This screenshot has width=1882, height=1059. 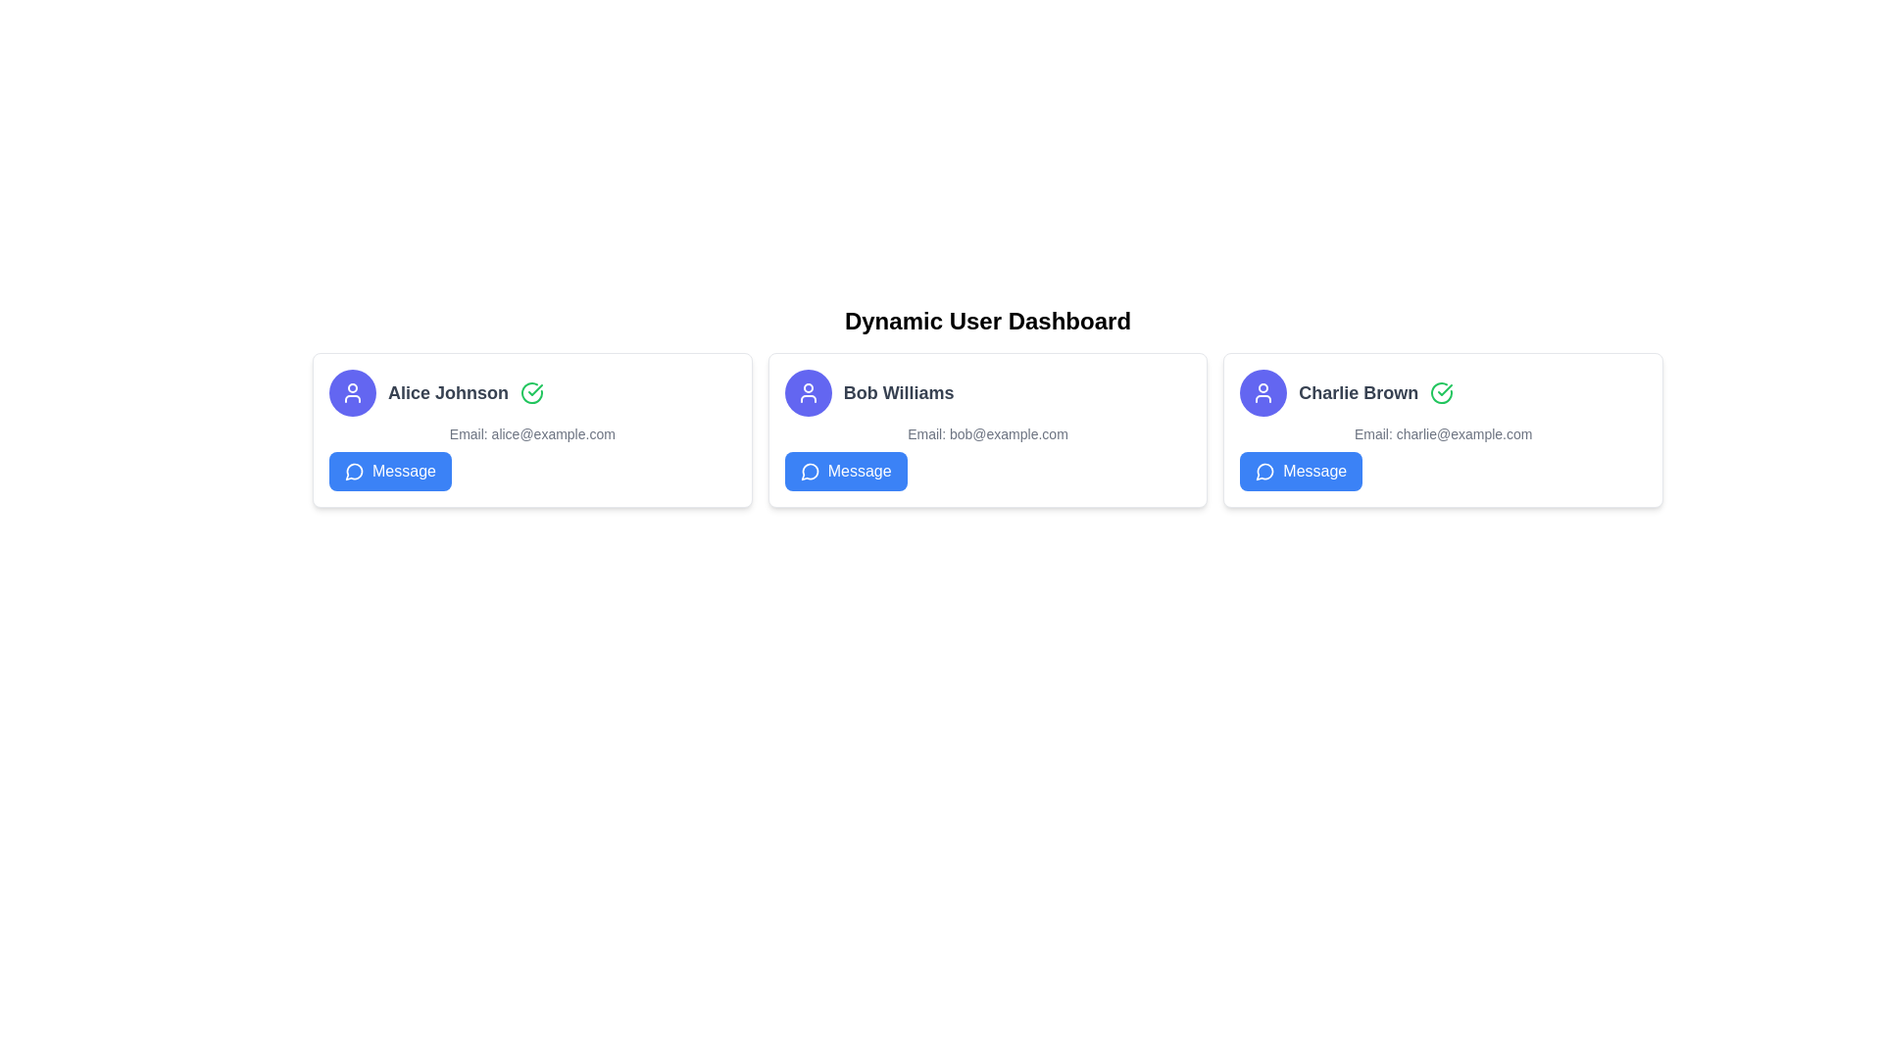 I want to click on the text element displaying the email address for the user 'Bob Williams', so click(x=988, y=433).